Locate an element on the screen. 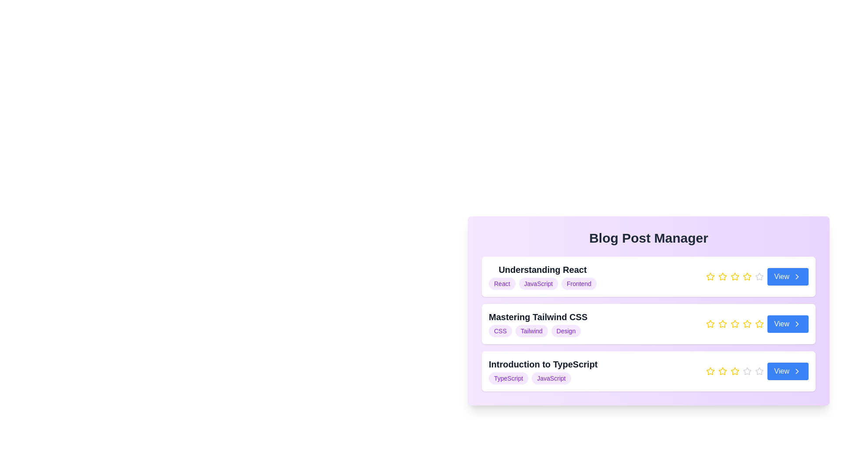 This screenshot has height=473, width=841. the fifth star icon in the rating system for the 'Introduction to TypeScript' blog post is located at coordinates (746, 371).